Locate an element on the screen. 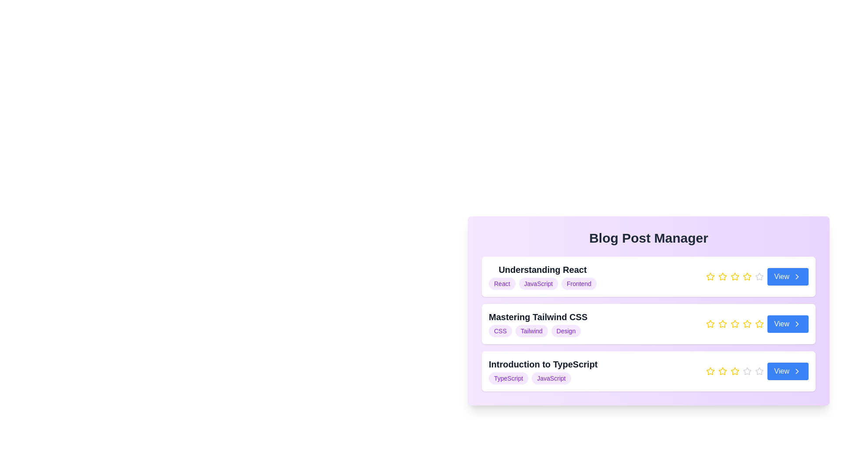 This screenshot has height=473, width=841. the fifth star icon in the rating system for the 'Introduction to TypeScript' blog post is located at coordinates (746, 371).